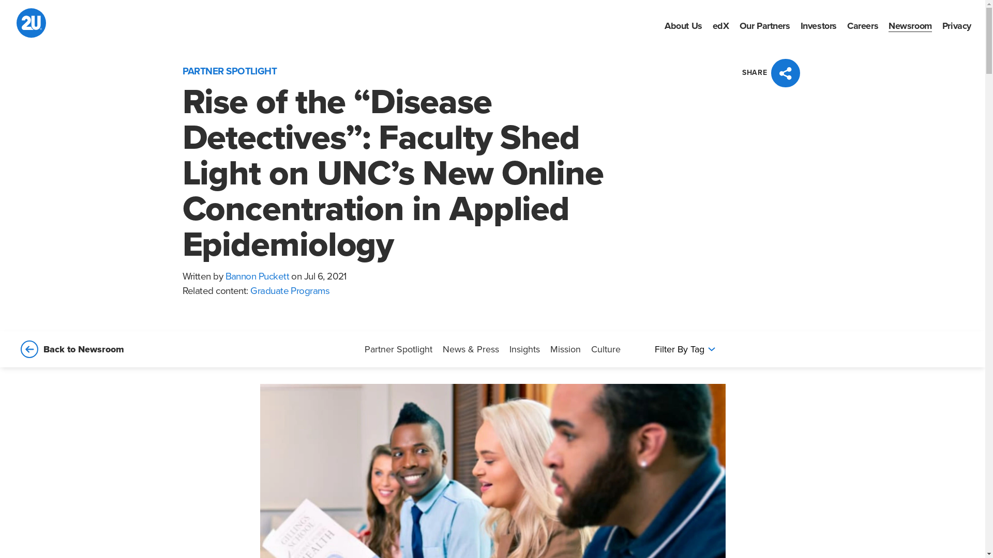  Describe the element at coordinates (720, 25) in the screenshot. I see `'edX'` at that location.